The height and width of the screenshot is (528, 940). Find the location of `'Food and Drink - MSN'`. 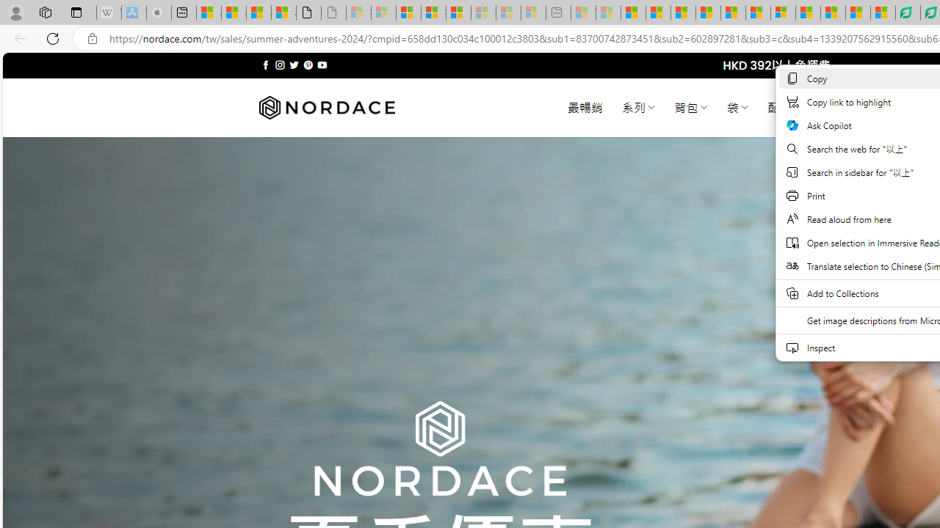

'Food and Drink - MSN' is located at coordinates (657, 12).